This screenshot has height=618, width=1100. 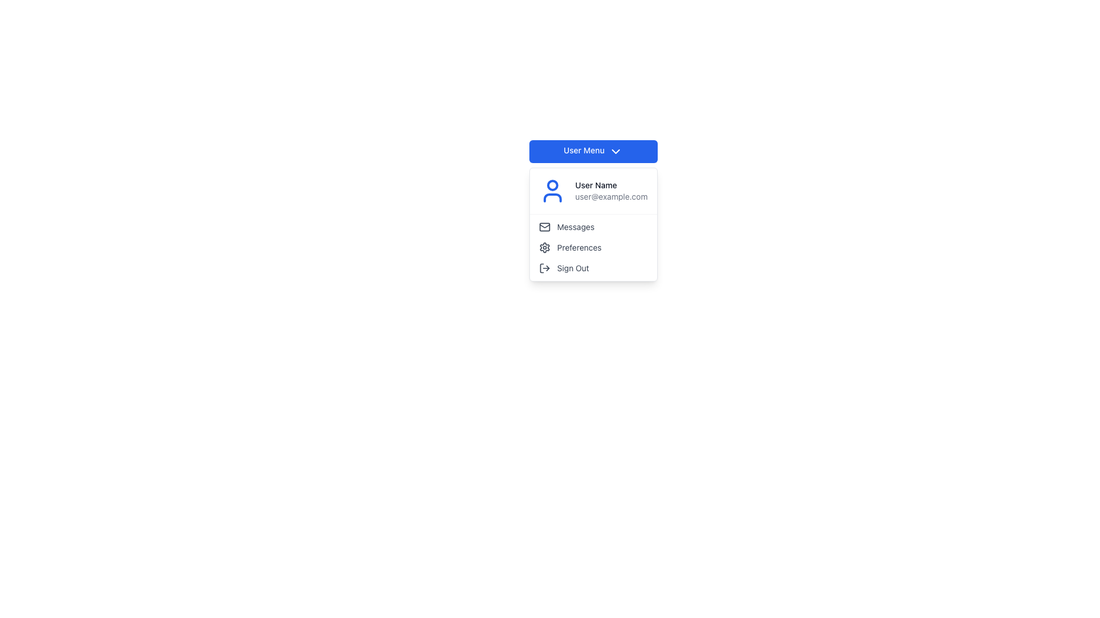 What do you see at coordinates (615, 151) in the screenshot?
I see `the downward-pointing chevron icon located to the right of the 'User Menu' text` at bounding box center [615, 151].